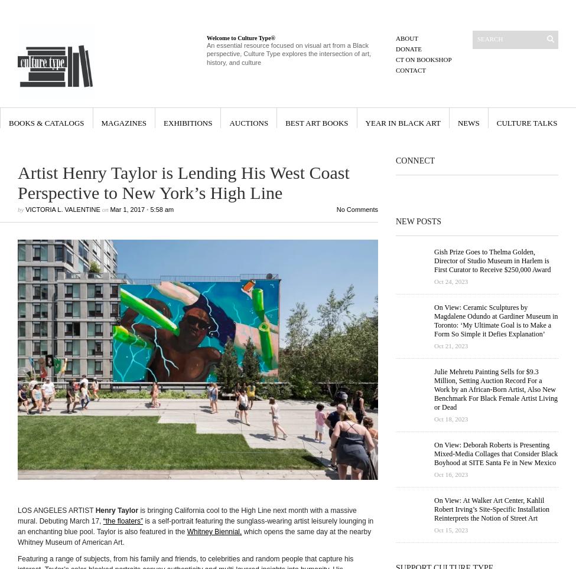 Image resolution: width=576 pixels, height=569 pixels. Describe the element at coordinates (21, 209) in the screenshot. I see `'by'` at that location.